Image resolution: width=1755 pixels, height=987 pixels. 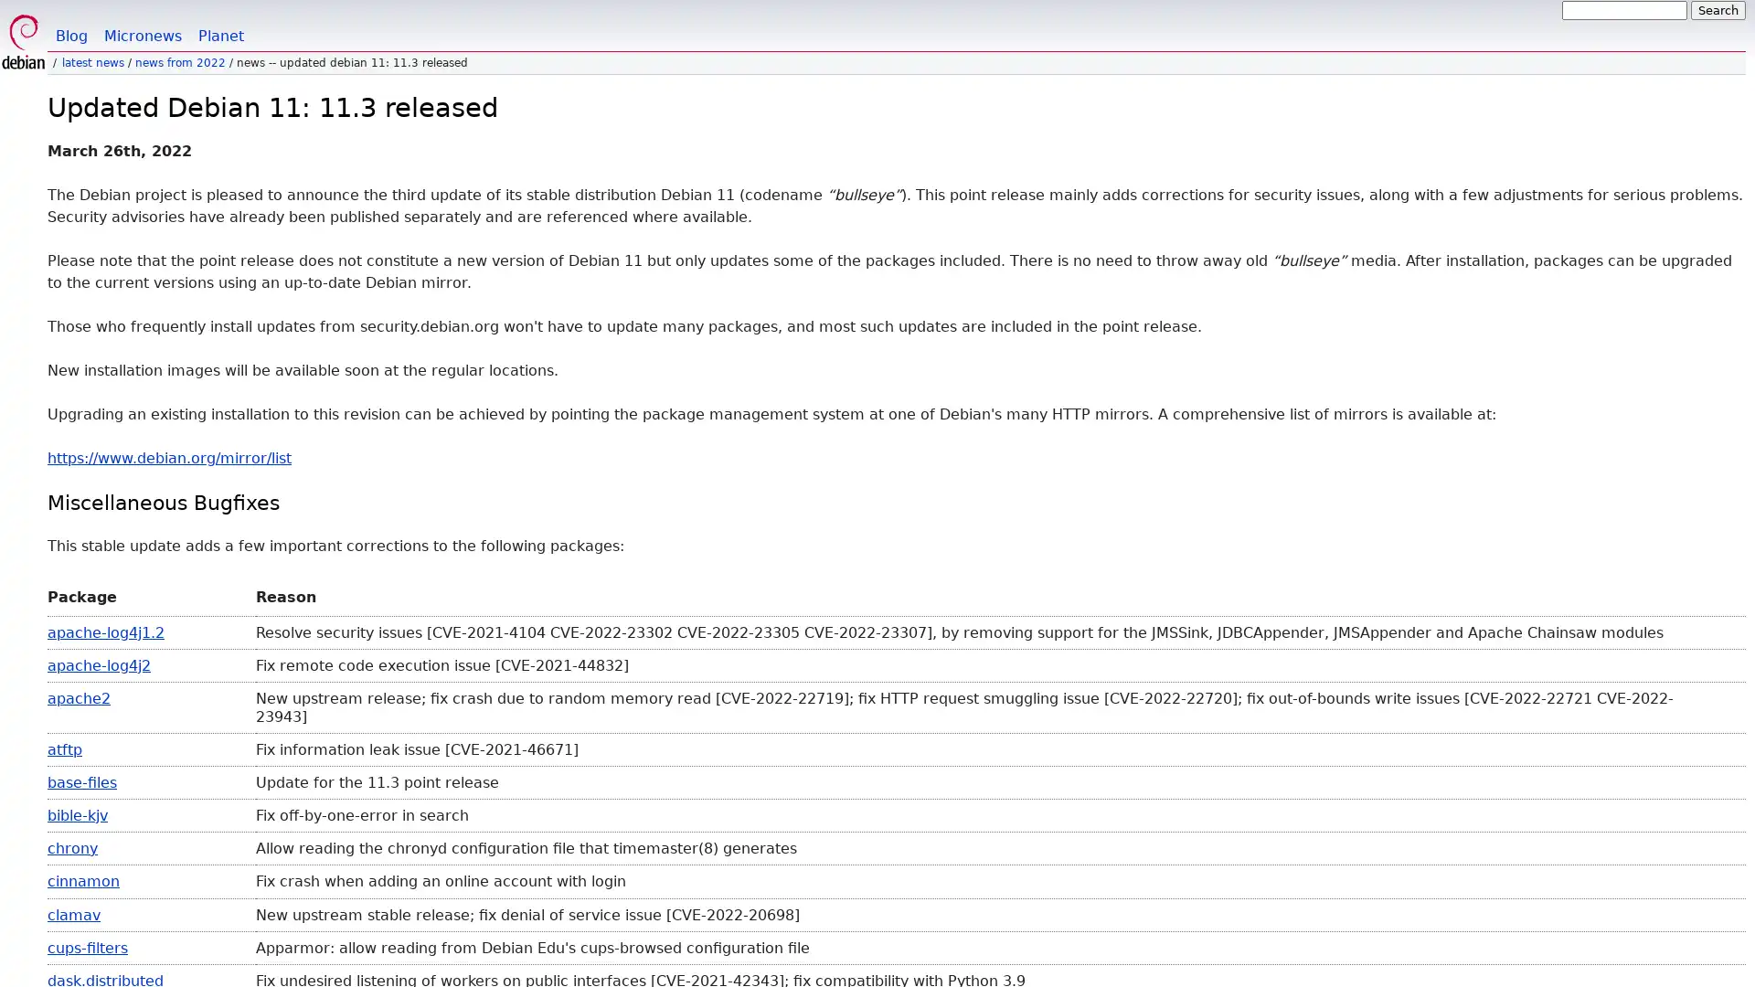 What do you see at coordinates (1718, 10) in the screenshot?
I see `Search` at bounding box center [1718, 10].